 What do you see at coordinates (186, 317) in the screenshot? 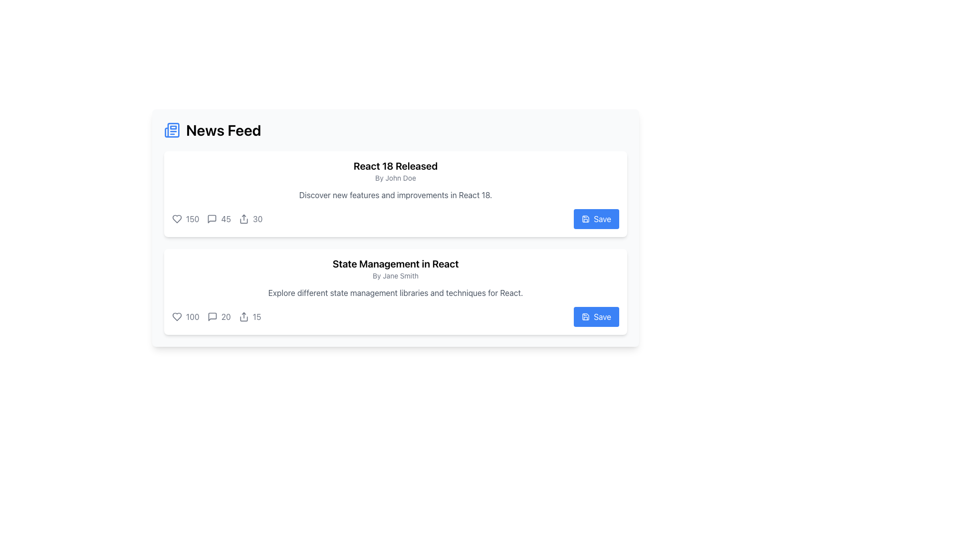
I see `the numerical text '100' styled in gray, located to the right of the heart-shaped icon below the second post in the feed` at bounding box center [186, 317].